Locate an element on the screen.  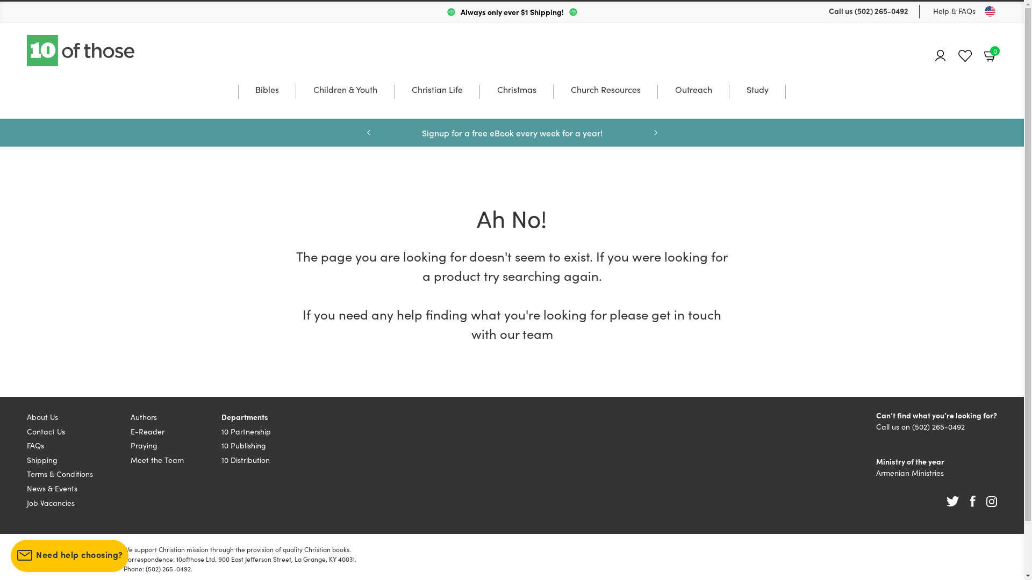
'Praying' is located at coordinates (144, 445).